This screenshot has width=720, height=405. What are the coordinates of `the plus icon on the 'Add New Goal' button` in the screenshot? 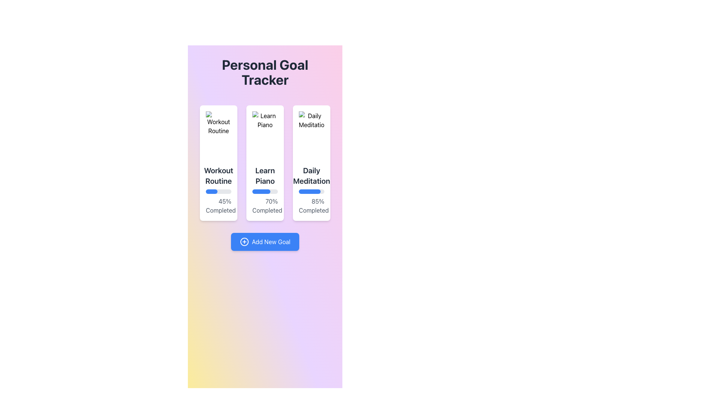 It's located at (244, 241).